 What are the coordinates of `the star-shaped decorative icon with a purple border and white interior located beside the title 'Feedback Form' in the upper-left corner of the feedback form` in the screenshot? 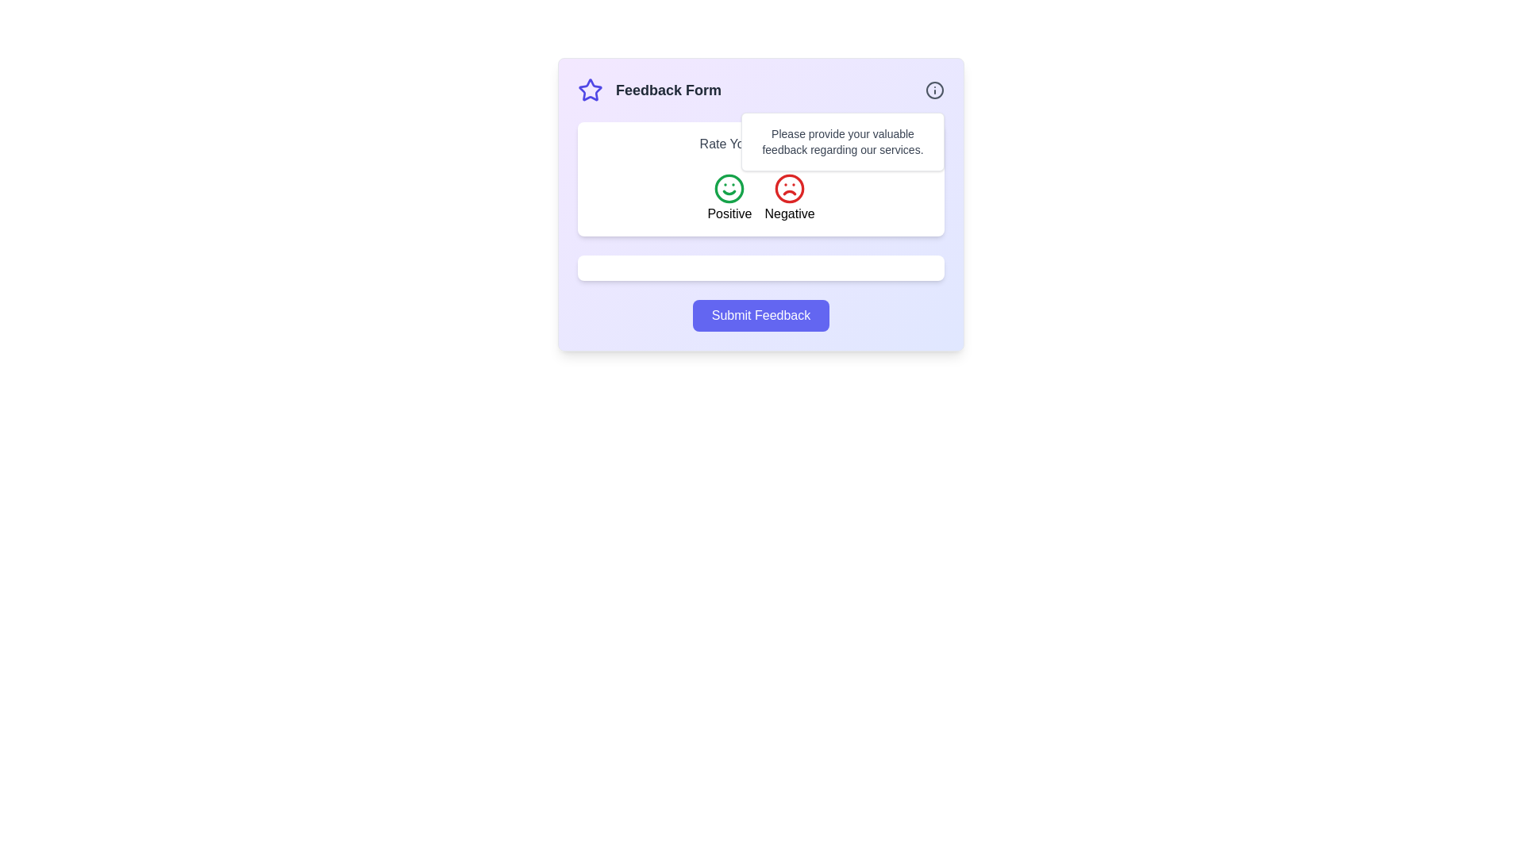 It's located at (590, 90).